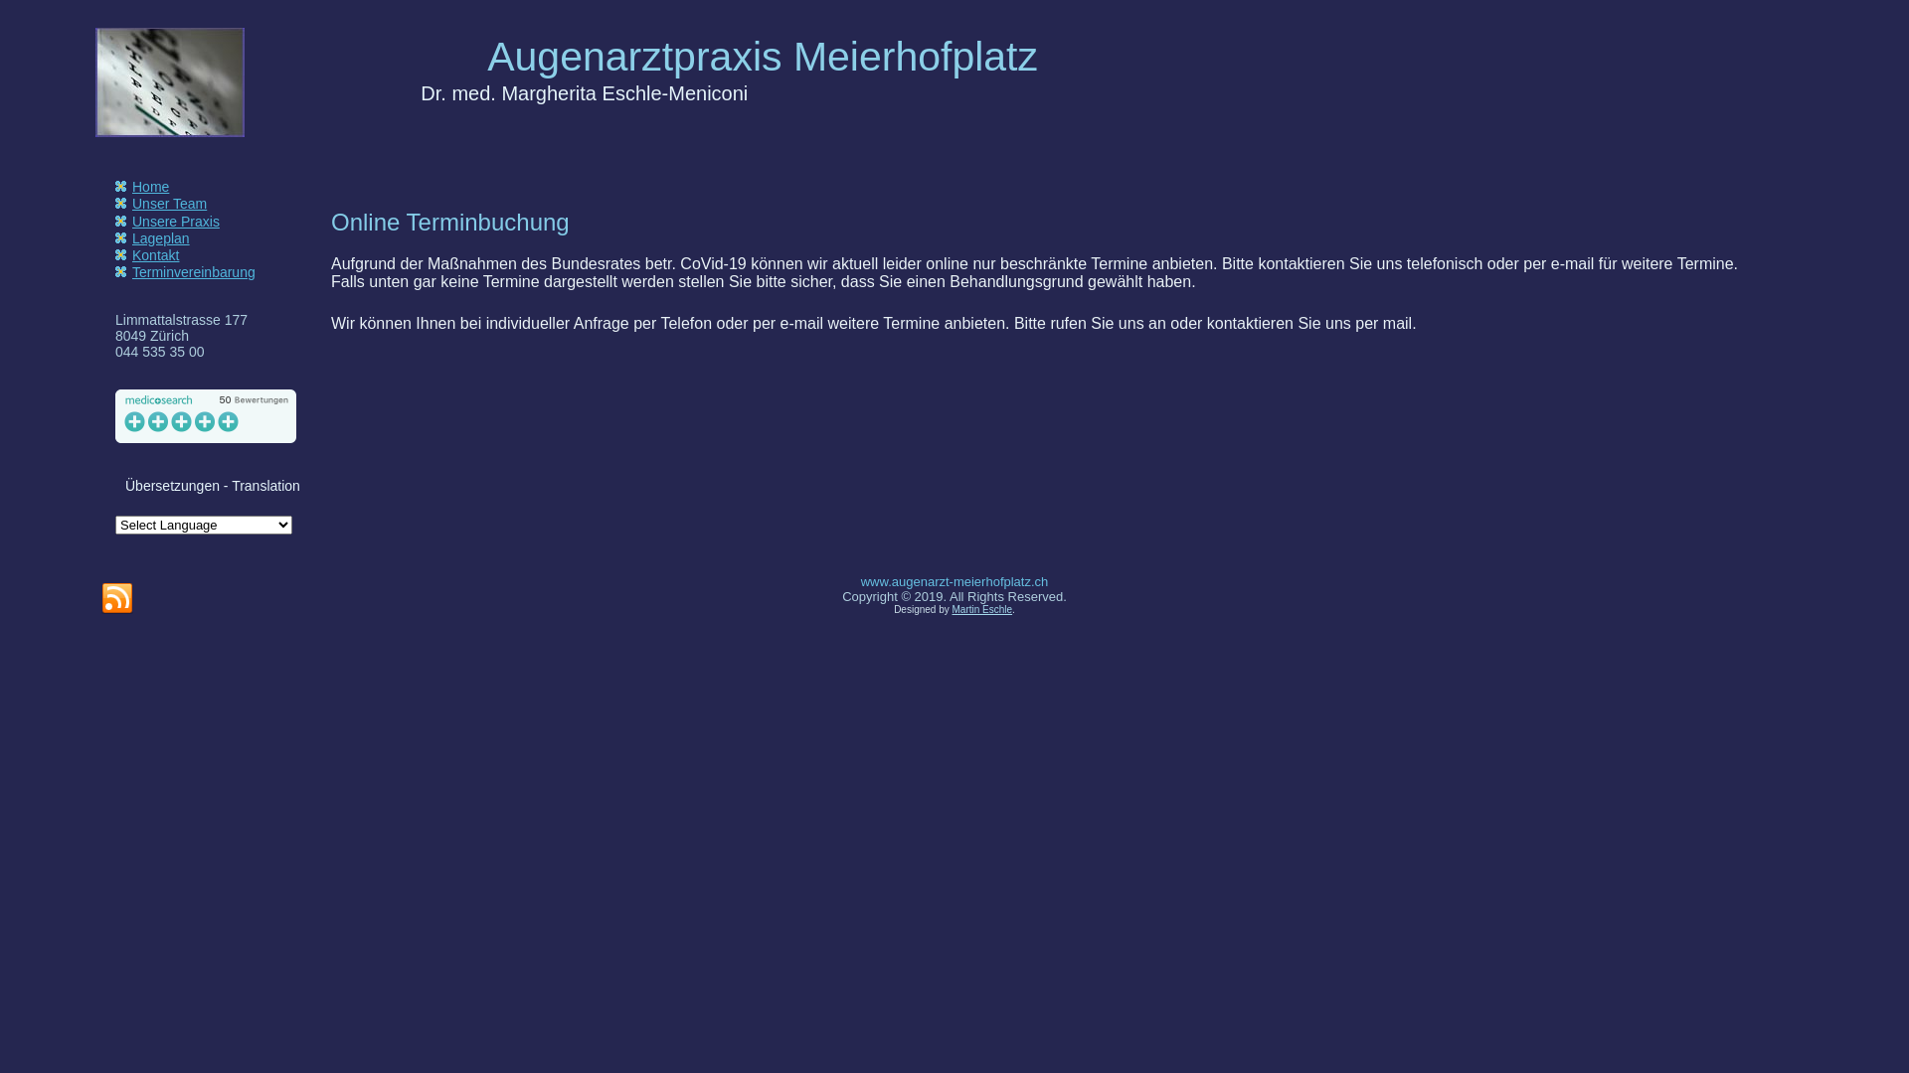 This screenshot has height=1073, width=1909. What do you see at coordinates (99, 596) in the screenshot?
I see `'RSS'` at bounding box center [99, 596].